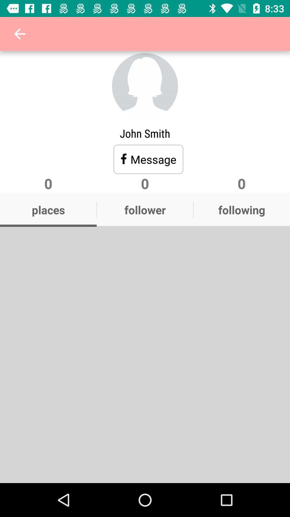  Describe the element at coordinates (241, 209) in the screenshot. I see `item next to the follower` at that location.